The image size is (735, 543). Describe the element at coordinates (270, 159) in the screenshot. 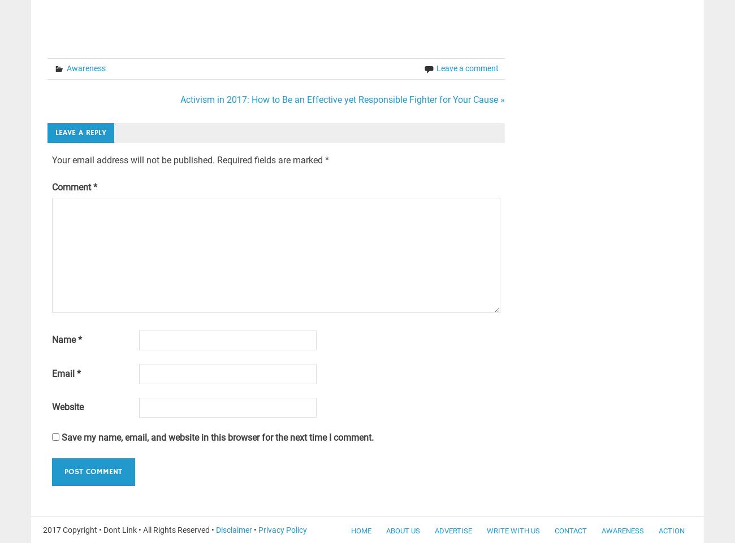

I see `'Required fields are marked'` at that location.